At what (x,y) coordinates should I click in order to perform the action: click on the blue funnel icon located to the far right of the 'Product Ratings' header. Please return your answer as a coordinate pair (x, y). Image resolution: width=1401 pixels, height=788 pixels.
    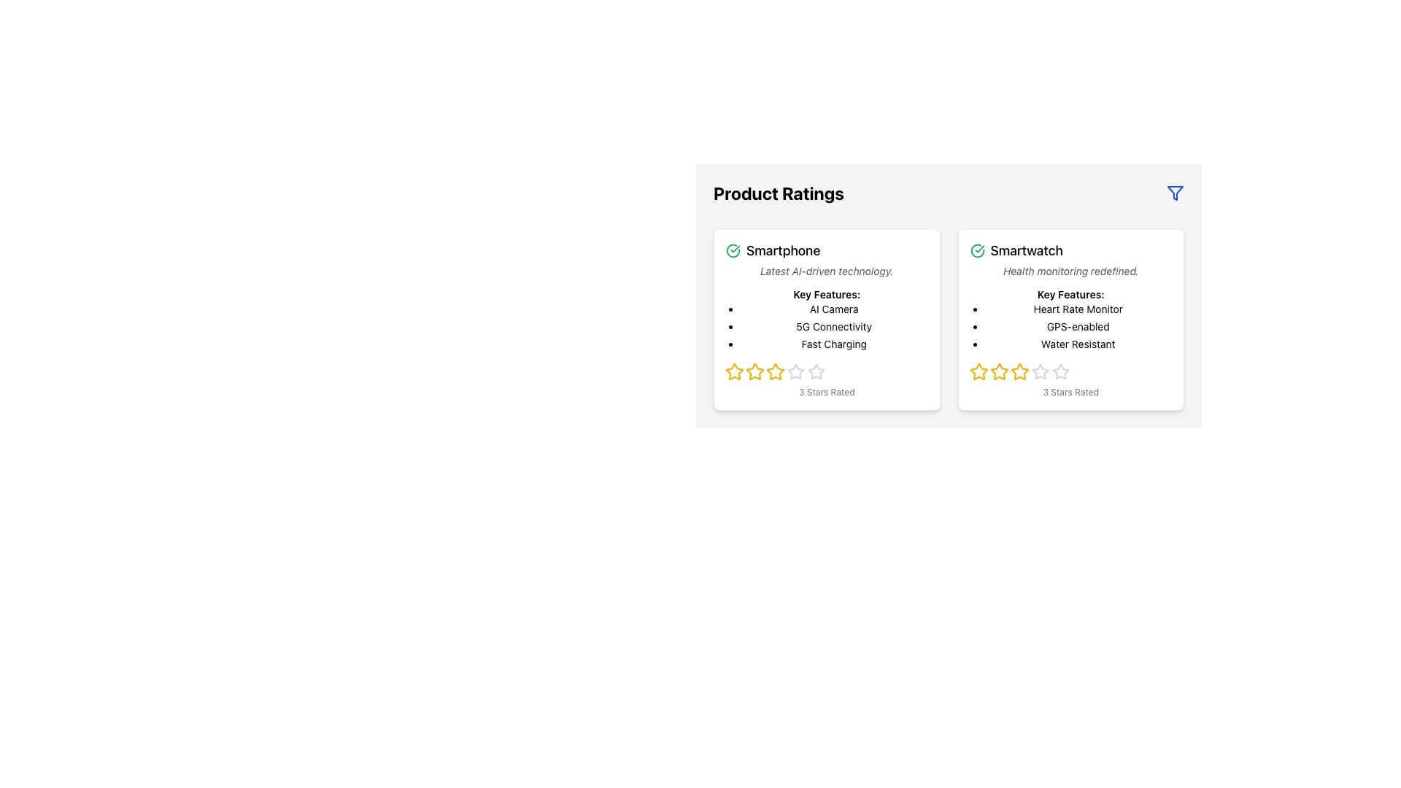
    Looking at the image, I should click on (1176, 193).